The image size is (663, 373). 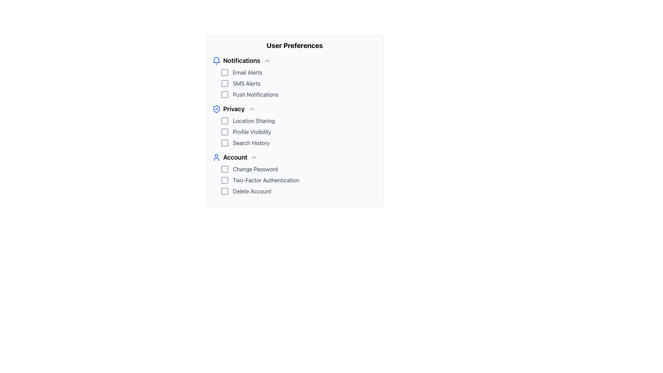 I want to click on the checkbox for 'SMS Alerts', which is a square icon with a gray border positioned in the middle of the 'Notifications' section, so click(x=224, y=83).